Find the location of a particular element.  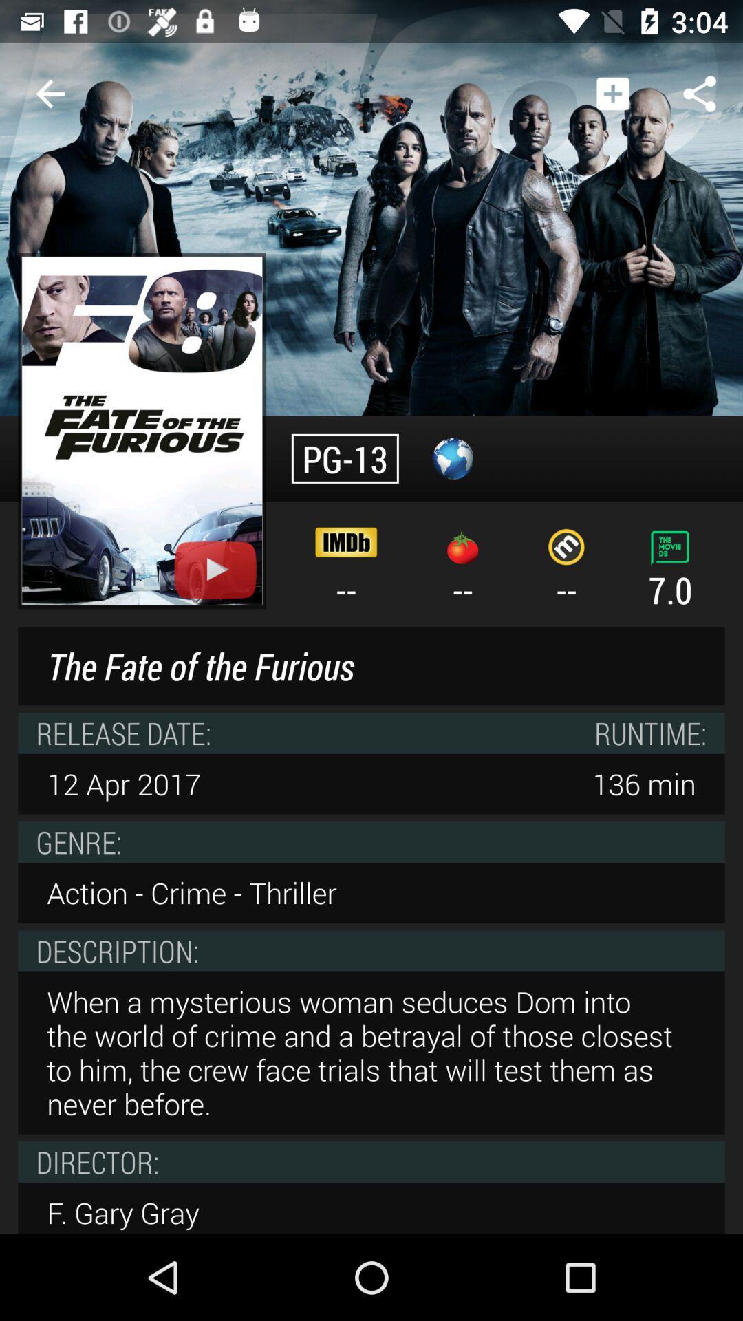

the app next to the   app is located at coordinates (50, 93).